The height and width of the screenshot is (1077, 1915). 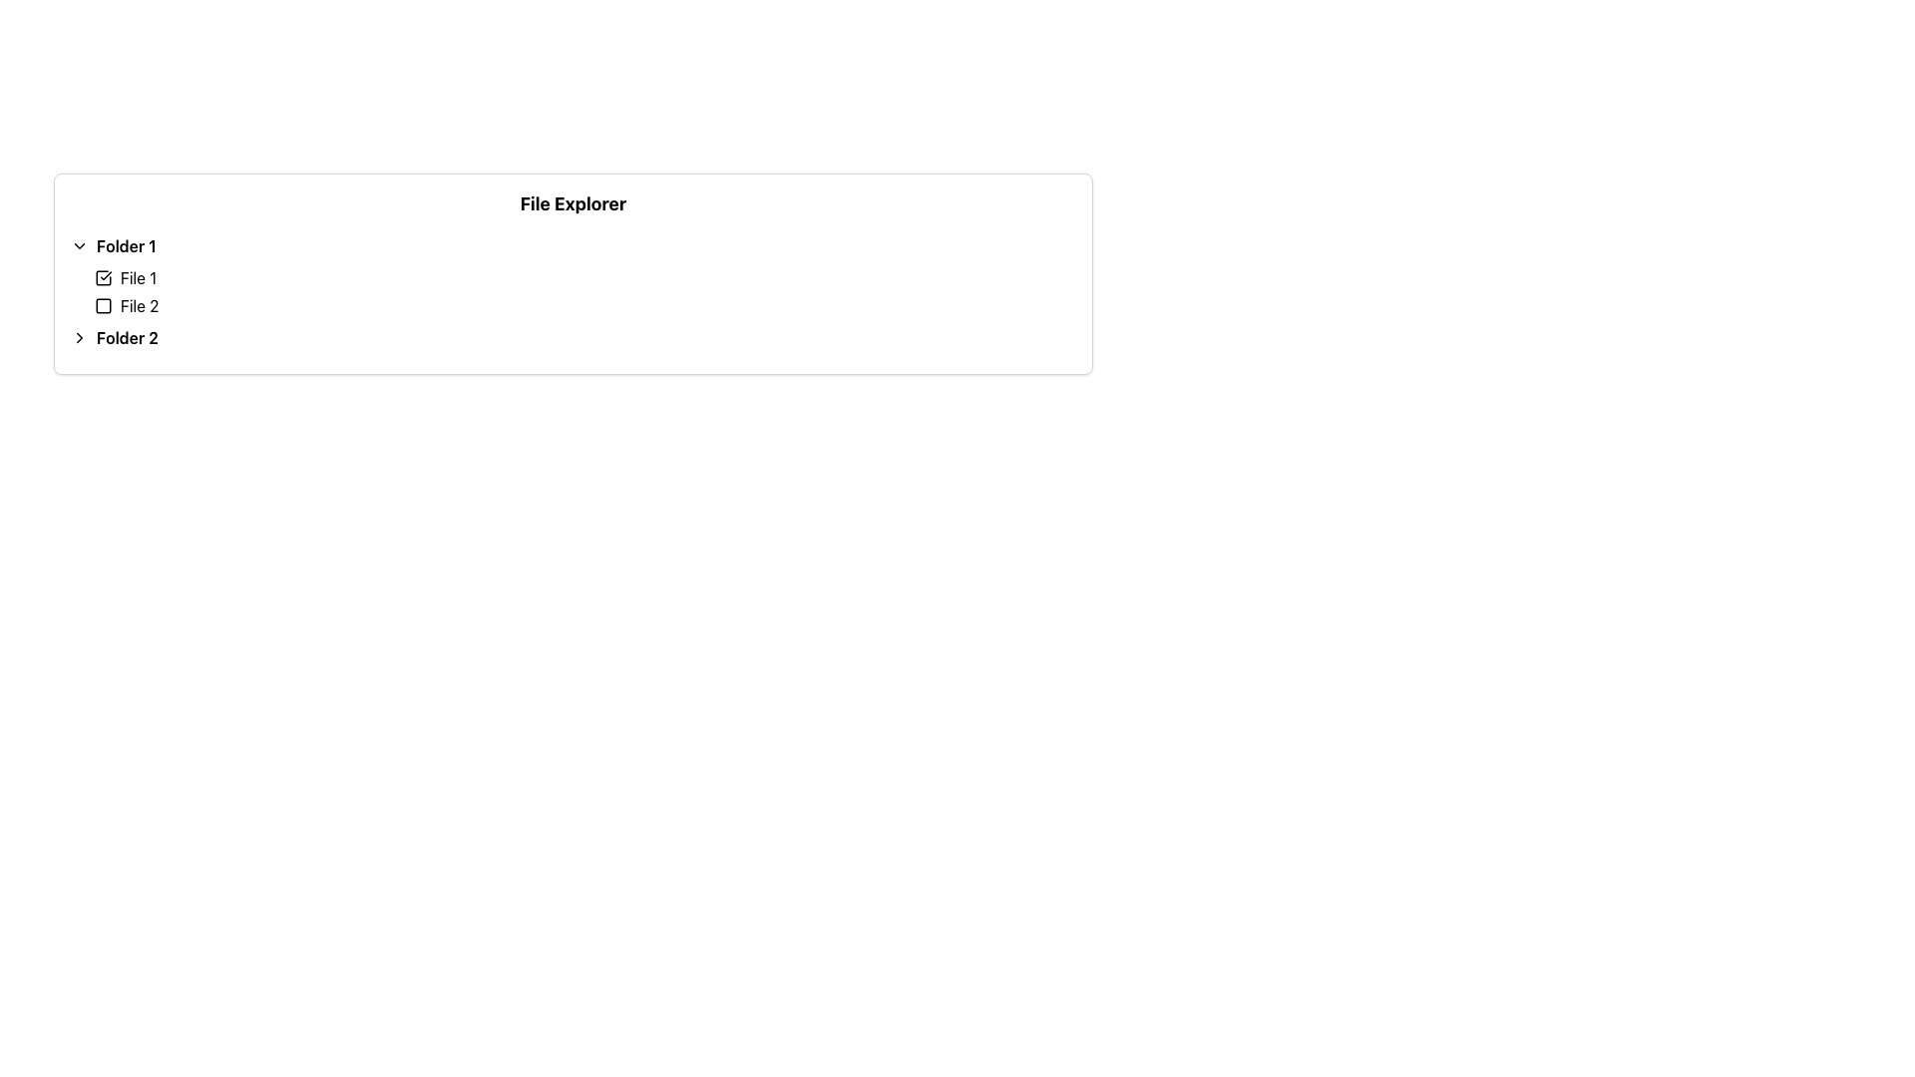 I want to click on the unselected checkbox for 'File 2' located in the tree-view list under 'Folder 1', so click(x=103, y=306).